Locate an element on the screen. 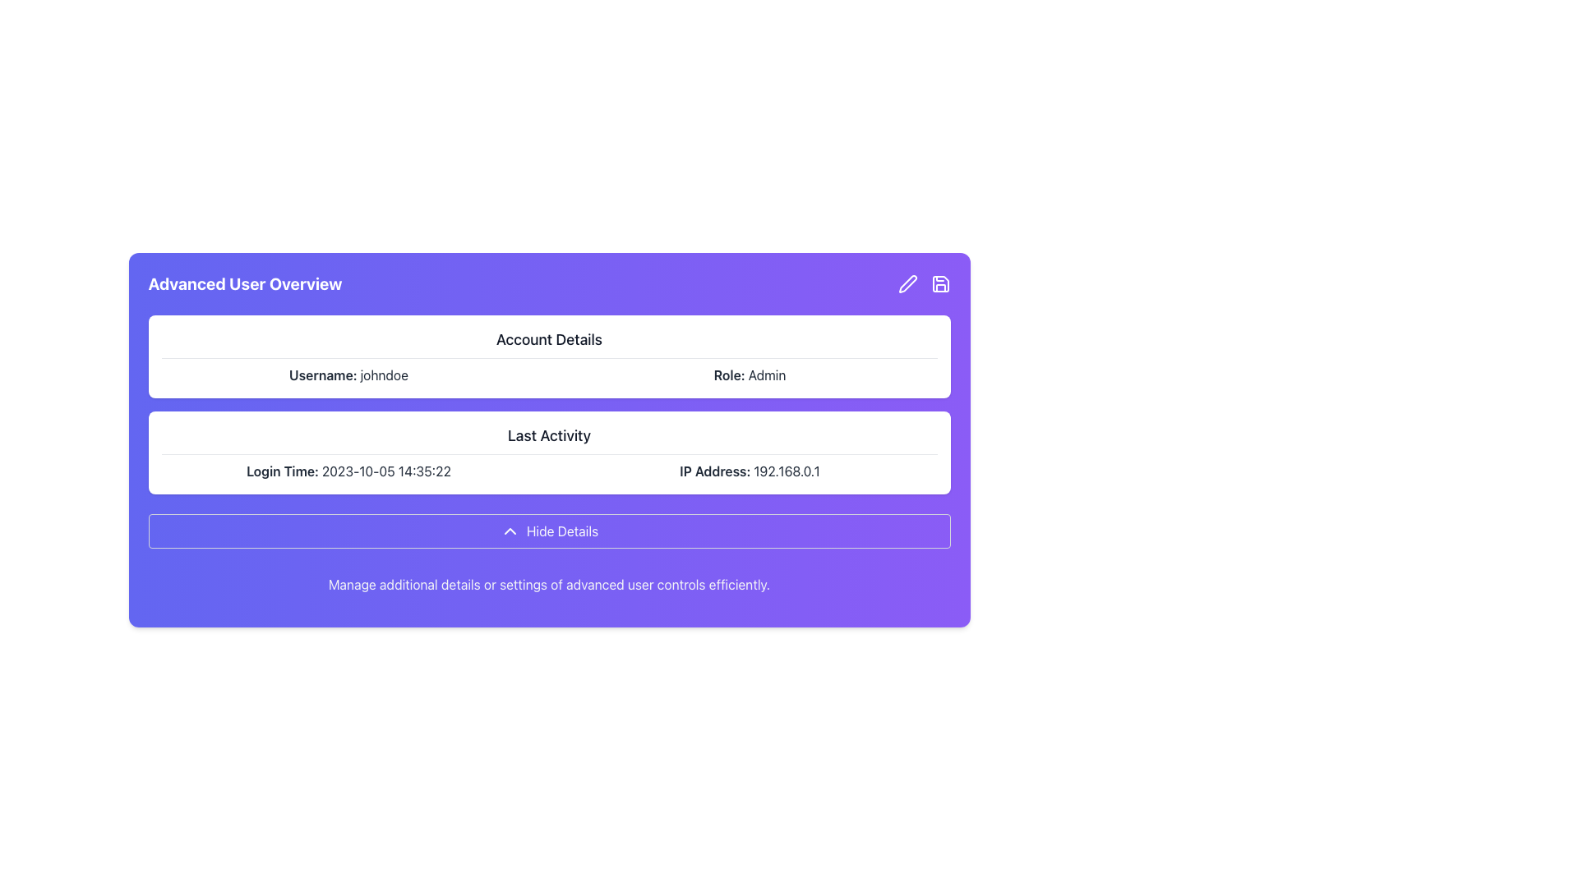  the button located at the bottom of the 'Advanced User Overview' section to hide the additional details is located at coordinates (549, 531).